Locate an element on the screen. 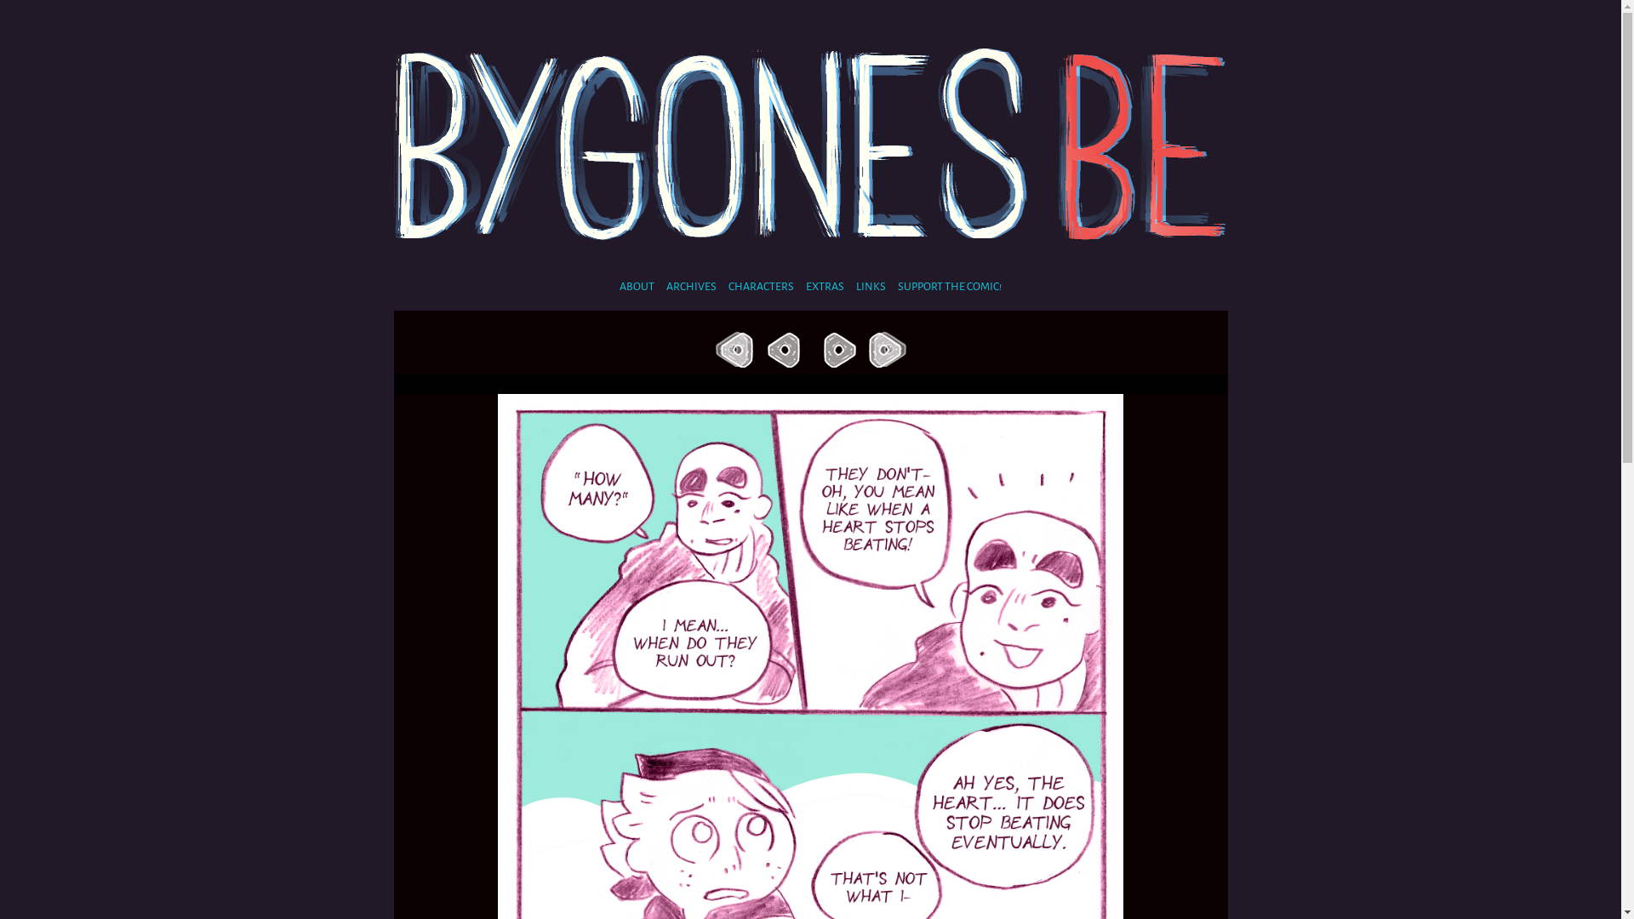 The width and height of the screenshot is (1634, 919). 'SUPPORT THE COMIC!' is located at coordinates (949, 286).